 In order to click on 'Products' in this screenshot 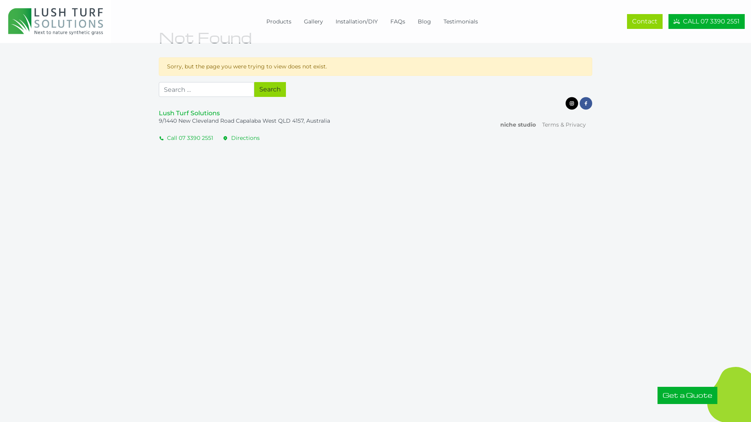, I will do `click(279, 21)`.